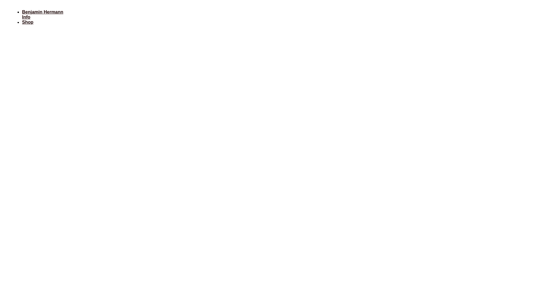 The height and width of the screenshot is (305, 543). What do you see at coordinates (26, 17) in the screenshot?
I see `'Info'` at bounding box center [26, 17].